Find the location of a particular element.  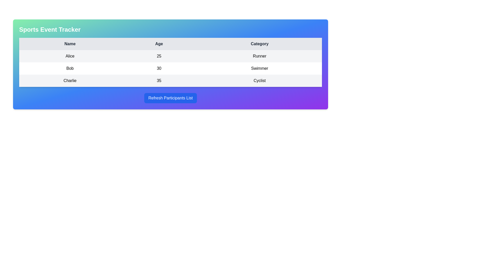

the header cell for the 'Age' column in the table, located between the 'Name' and 'Category' cells is located at coordinates (159, 44).